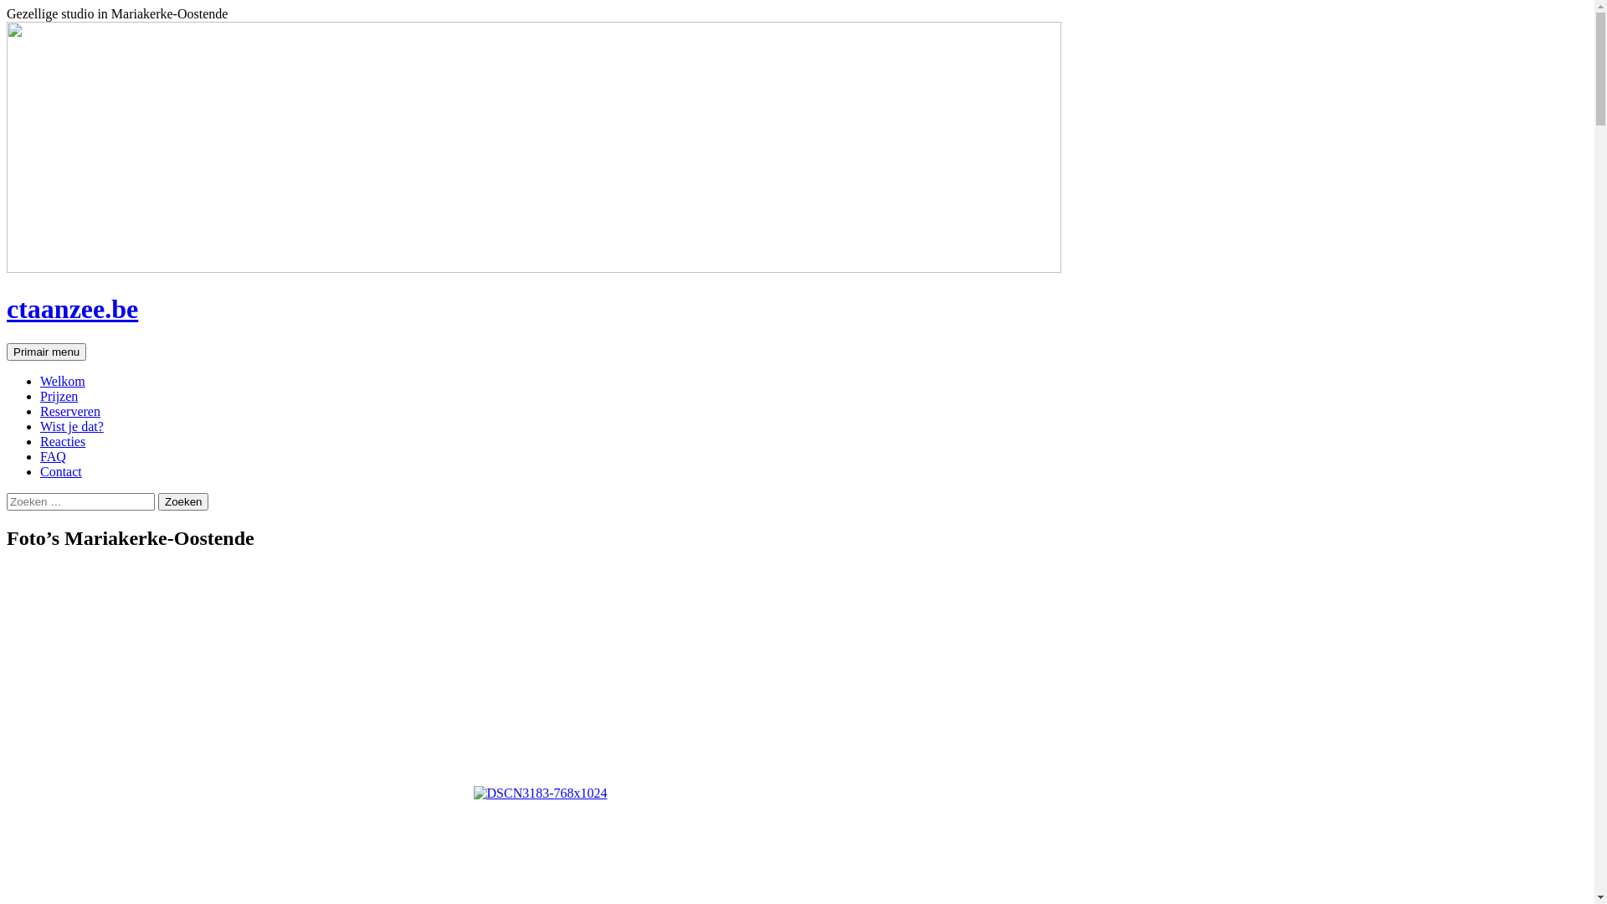 The width and height of the screenshot is (1607, 904). Describe the element at coordinates (71, 425) in the screenshot. I see `'Wist je dat?'` at that location.